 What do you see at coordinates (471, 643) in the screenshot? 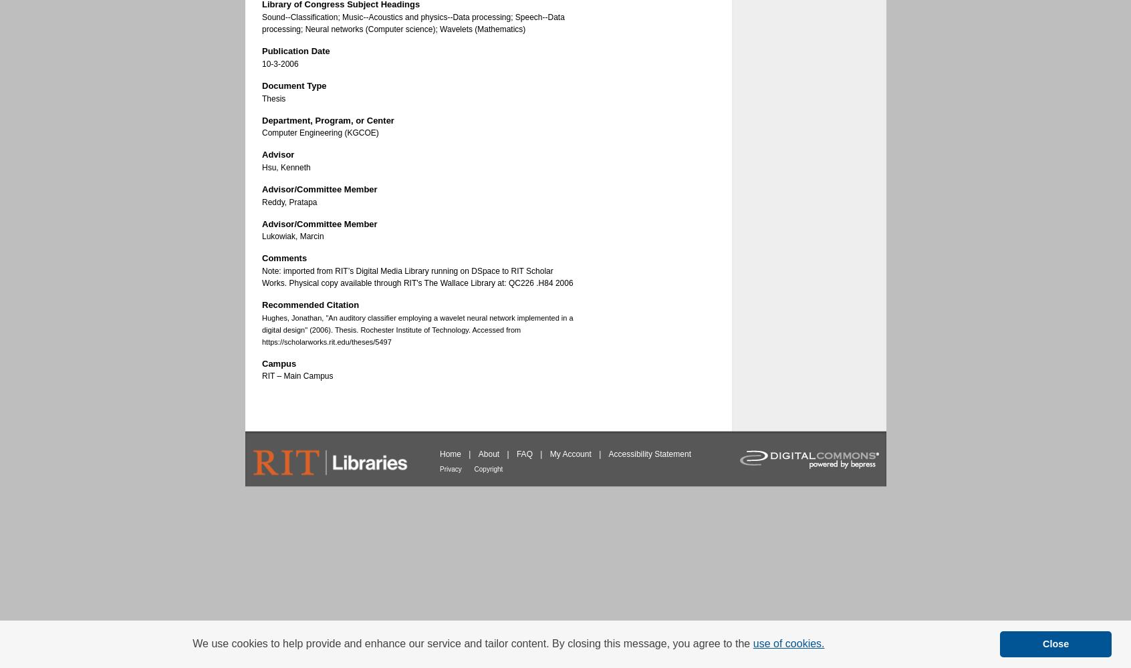
I see `'We use cookies to help provide and enhance our service and tailor content. By closing this message, you agree to the'` at bounding box center [471, 643].